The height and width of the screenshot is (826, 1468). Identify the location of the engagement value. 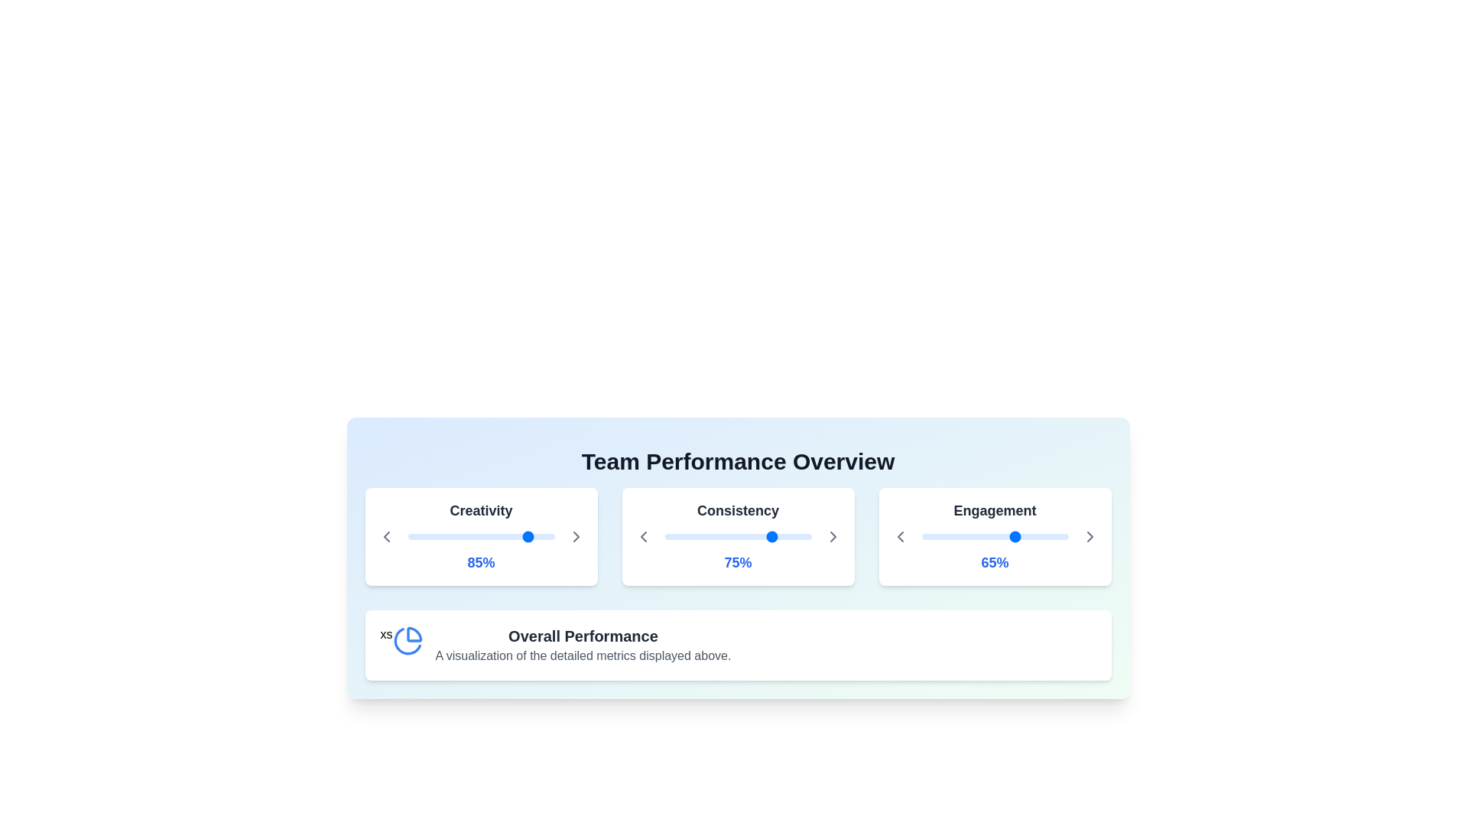
(1018, 536).